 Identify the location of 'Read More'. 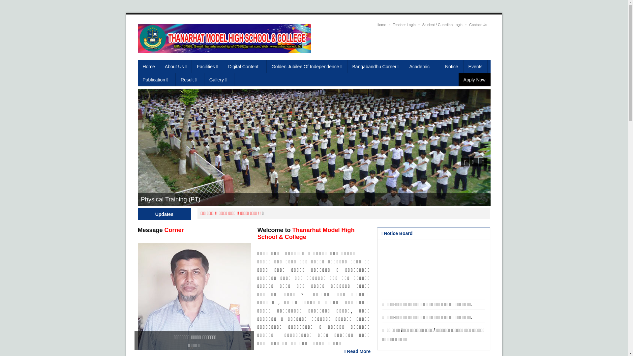
(357, 351).